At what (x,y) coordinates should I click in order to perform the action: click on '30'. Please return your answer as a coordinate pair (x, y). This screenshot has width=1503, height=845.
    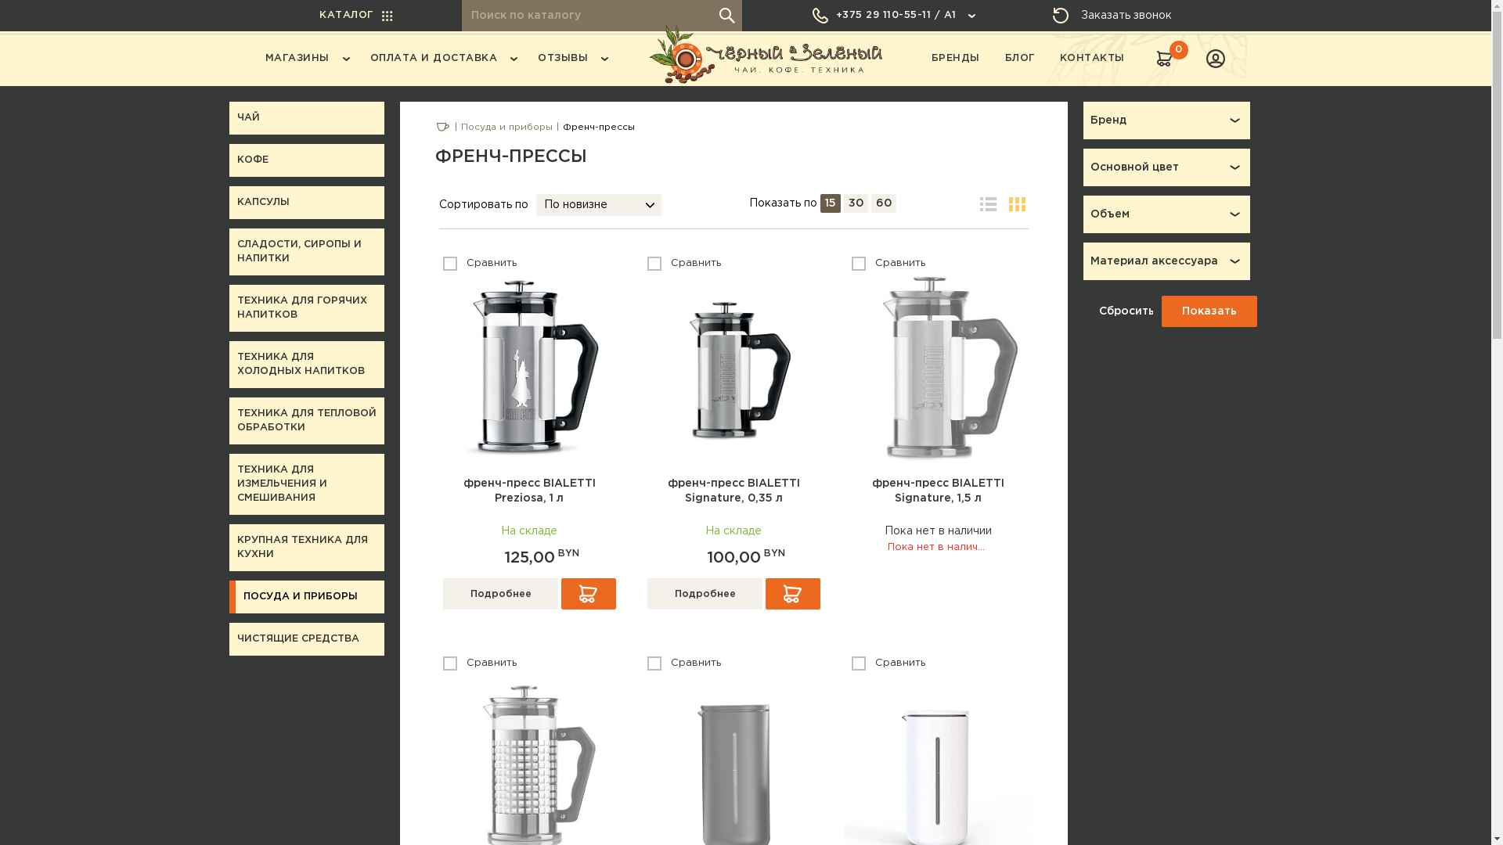
    Looking at the image, I should click on (855, 202).